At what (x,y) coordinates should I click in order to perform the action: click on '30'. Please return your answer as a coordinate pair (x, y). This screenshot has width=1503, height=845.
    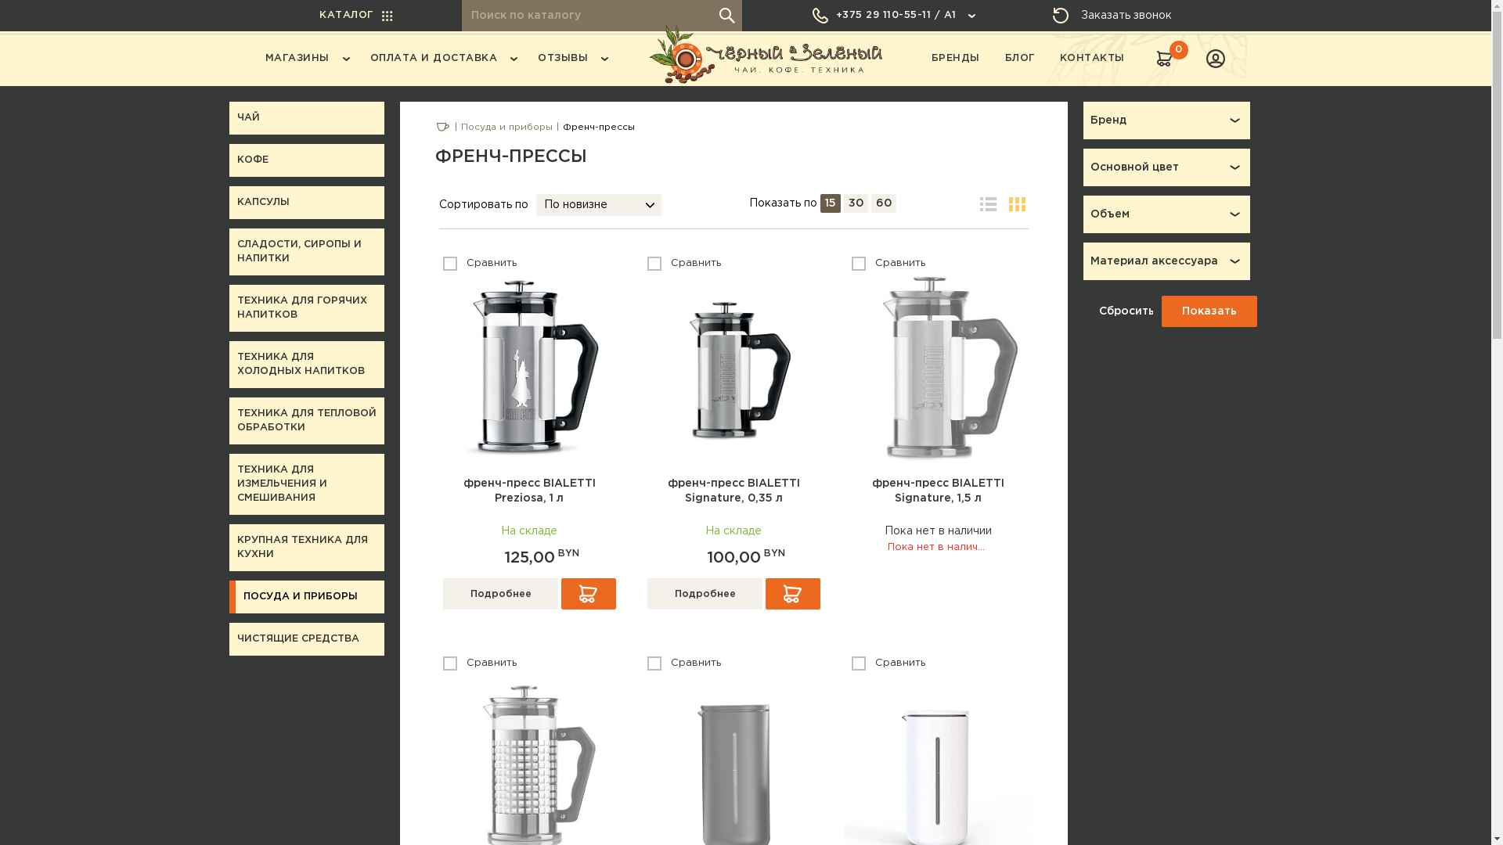
    Looking at the image, I should click on (855, 202).